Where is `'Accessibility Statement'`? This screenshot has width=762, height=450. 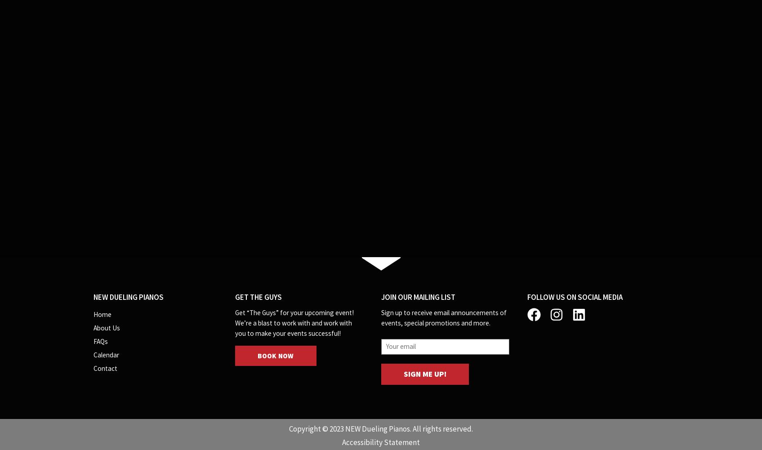 'Accessibility Statement' is located at coordinates (381, 441).